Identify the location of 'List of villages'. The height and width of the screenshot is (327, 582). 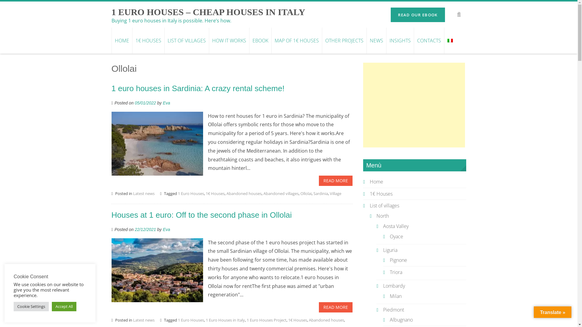
(384, 205).